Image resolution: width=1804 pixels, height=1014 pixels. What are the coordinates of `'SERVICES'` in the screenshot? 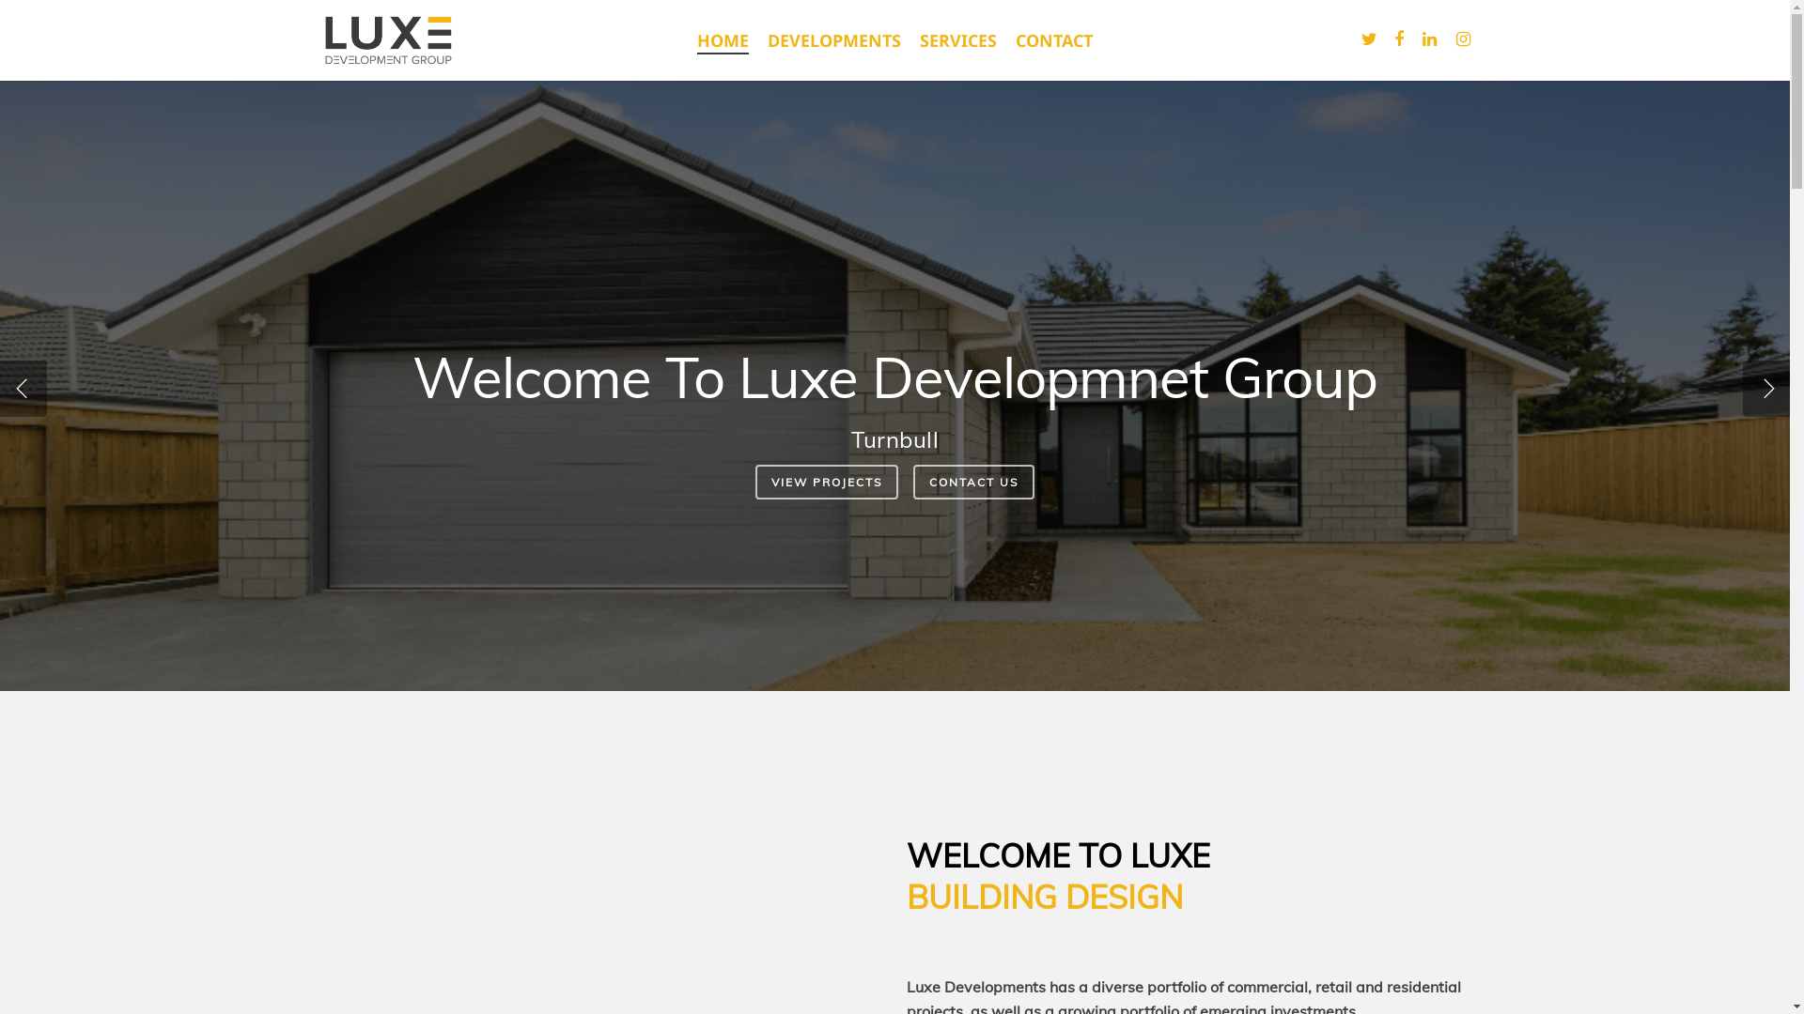 It's located at (957, 39).